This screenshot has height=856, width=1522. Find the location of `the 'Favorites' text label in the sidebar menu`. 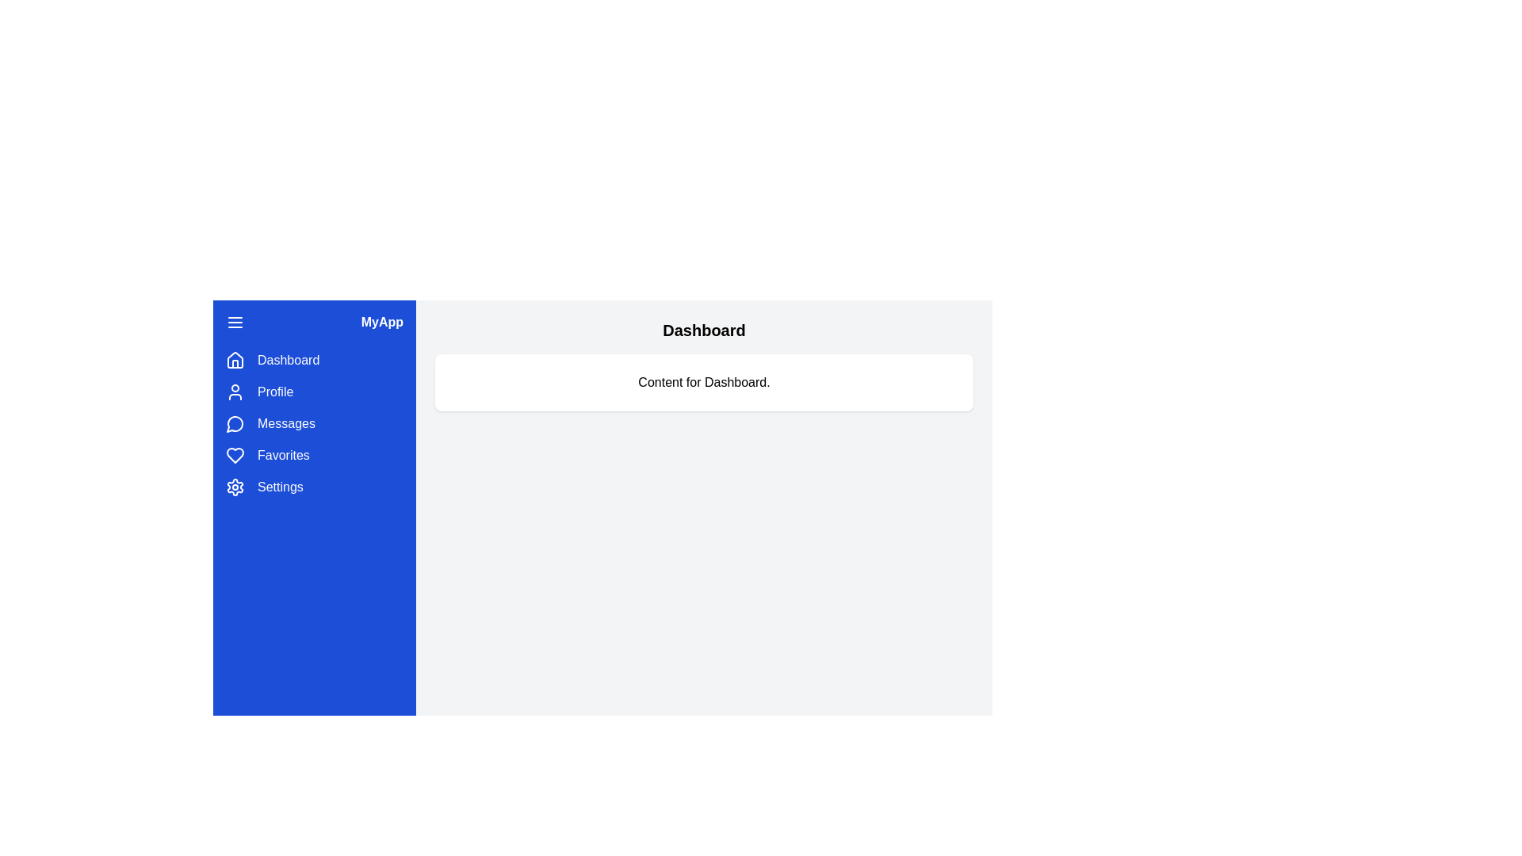

the 'Favorites' text label in the sidebar menu is located at coordinates (283, 455).